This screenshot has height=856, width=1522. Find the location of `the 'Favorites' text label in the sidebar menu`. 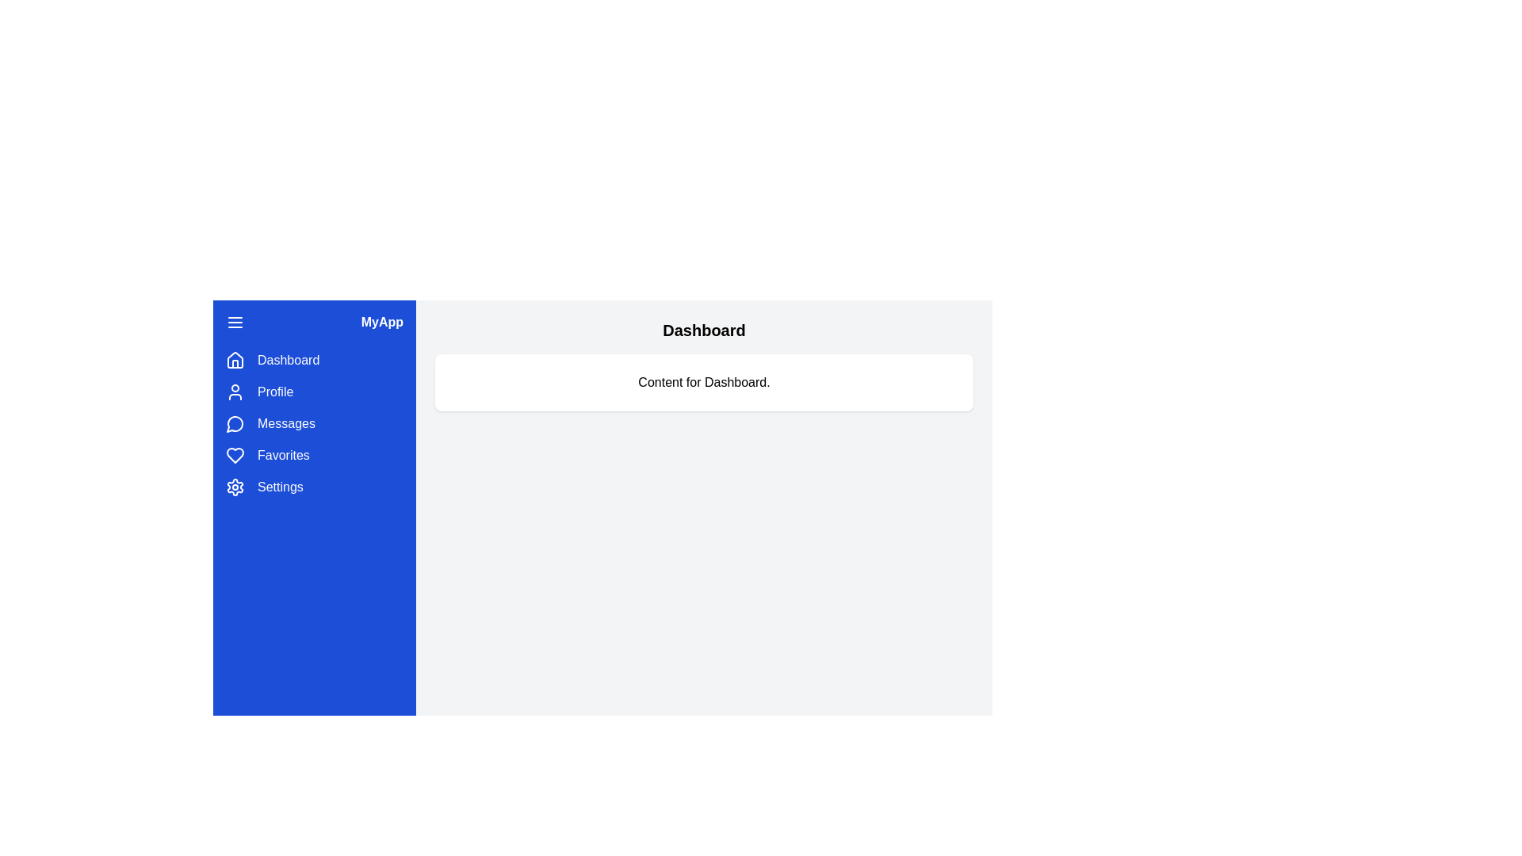

the 'Favorites' text label in the sidebar menu is located at coordinates (283, 455).